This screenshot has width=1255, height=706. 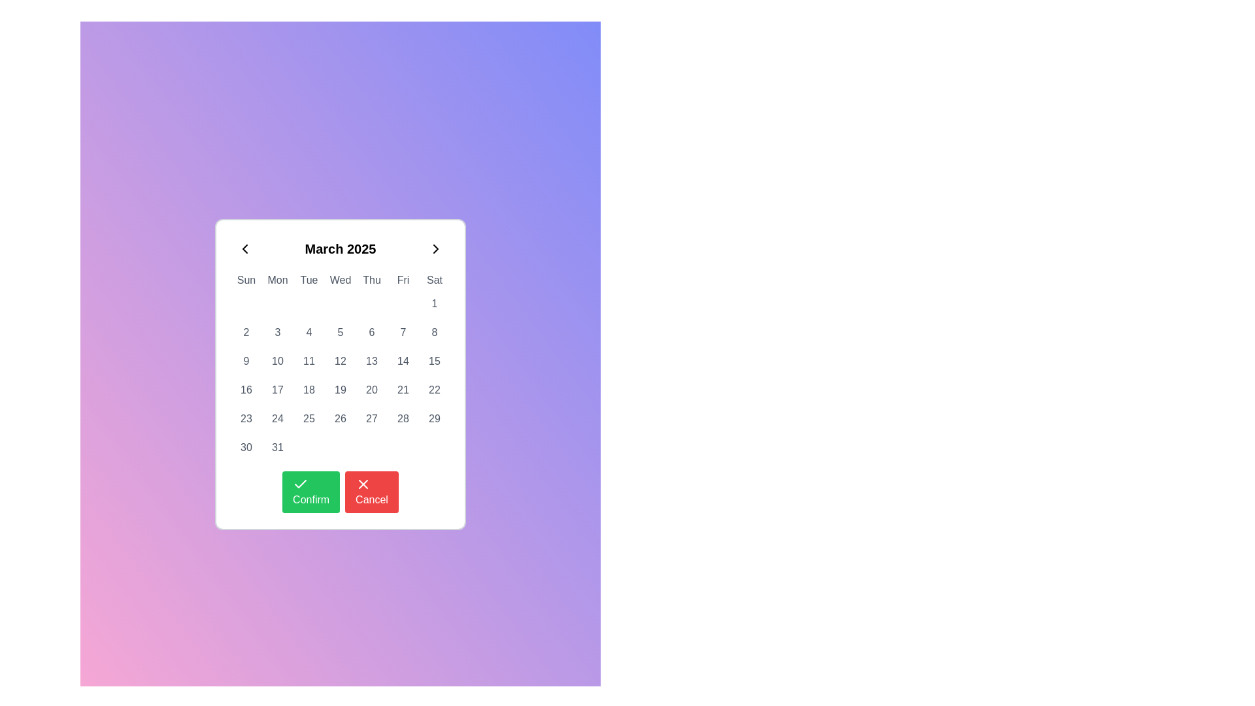 What do you see at coordinates (341, 249) in the screenshot?
I see `displayed month and year from the header element that shows 'March 2025', which is centrally located at the top of the calendar interface, flanked by navigation buttons` at bounding box center [341, 249].